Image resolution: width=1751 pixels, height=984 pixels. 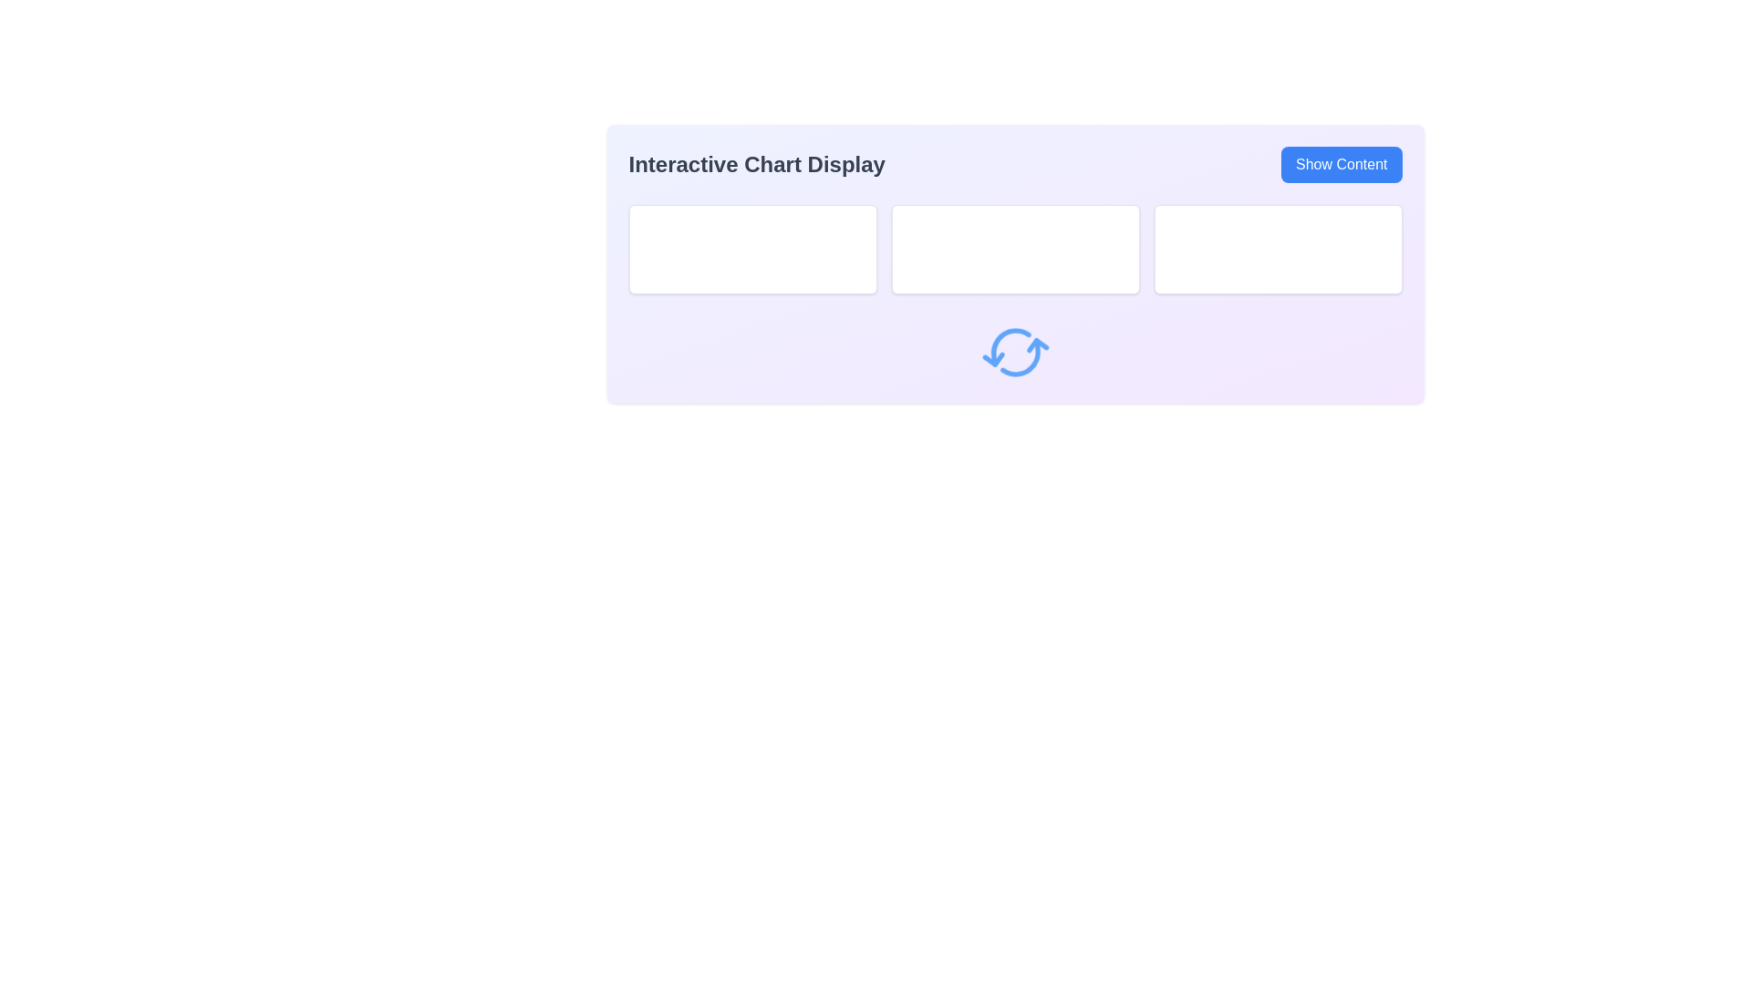 What do you see at coordinates (1342, 165) in the screenshot?
I see `the 'Show Content' button with a blue background and white text` at bounding box center [1342, 165].